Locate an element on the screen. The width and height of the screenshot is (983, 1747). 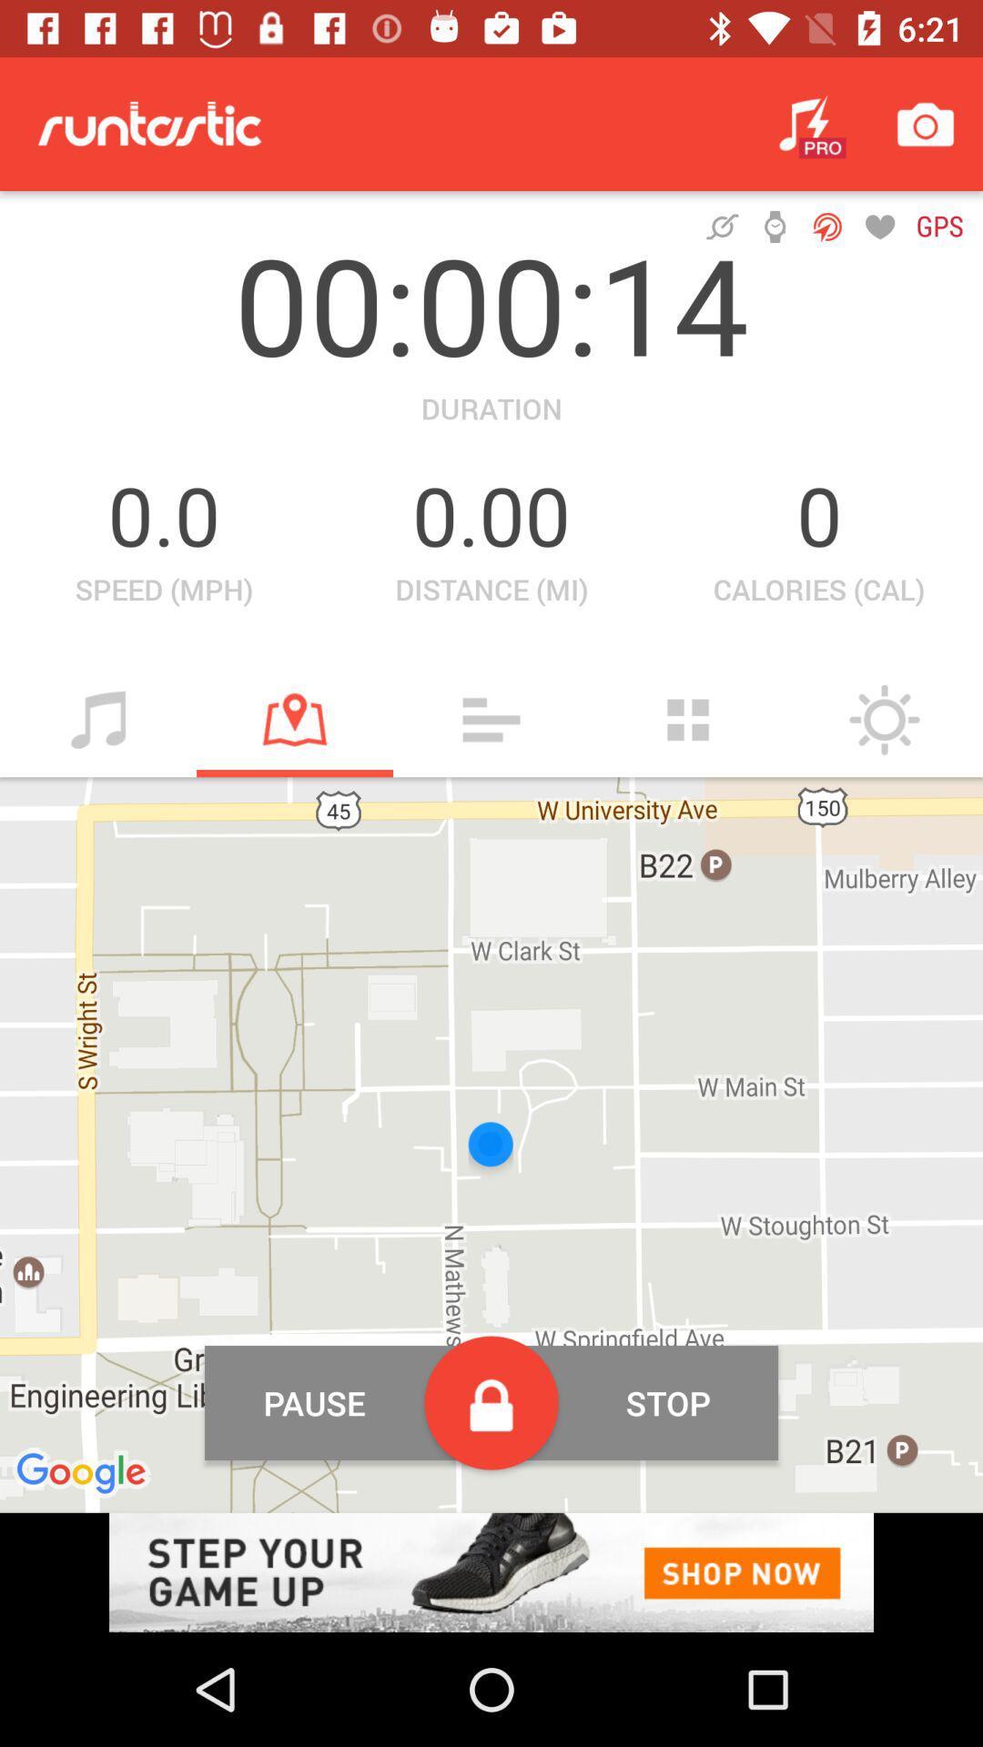
open menu is located at coordinates (491, 719).